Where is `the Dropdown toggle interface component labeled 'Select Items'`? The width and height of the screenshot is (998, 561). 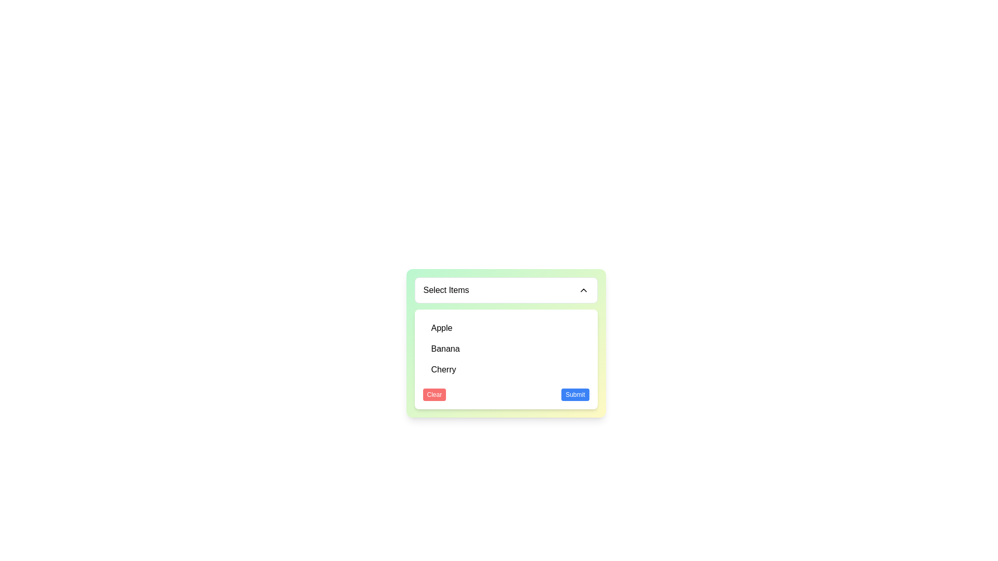
the Dropdown toggle interface component labeled 'Select Items' is located at coordinates (506, 290).